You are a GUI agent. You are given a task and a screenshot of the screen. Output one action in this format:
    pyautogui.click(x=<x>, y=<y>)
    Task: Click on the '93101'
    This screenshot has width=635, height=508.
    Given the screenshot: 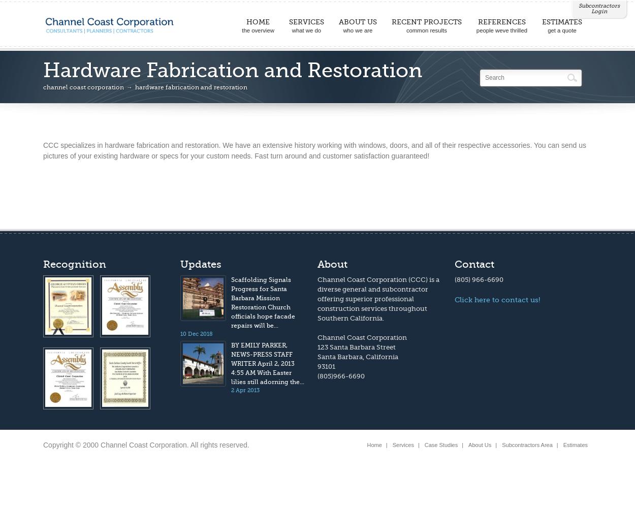 What is the action you would take?
    pyautogui.click(x=317, y=366)
    